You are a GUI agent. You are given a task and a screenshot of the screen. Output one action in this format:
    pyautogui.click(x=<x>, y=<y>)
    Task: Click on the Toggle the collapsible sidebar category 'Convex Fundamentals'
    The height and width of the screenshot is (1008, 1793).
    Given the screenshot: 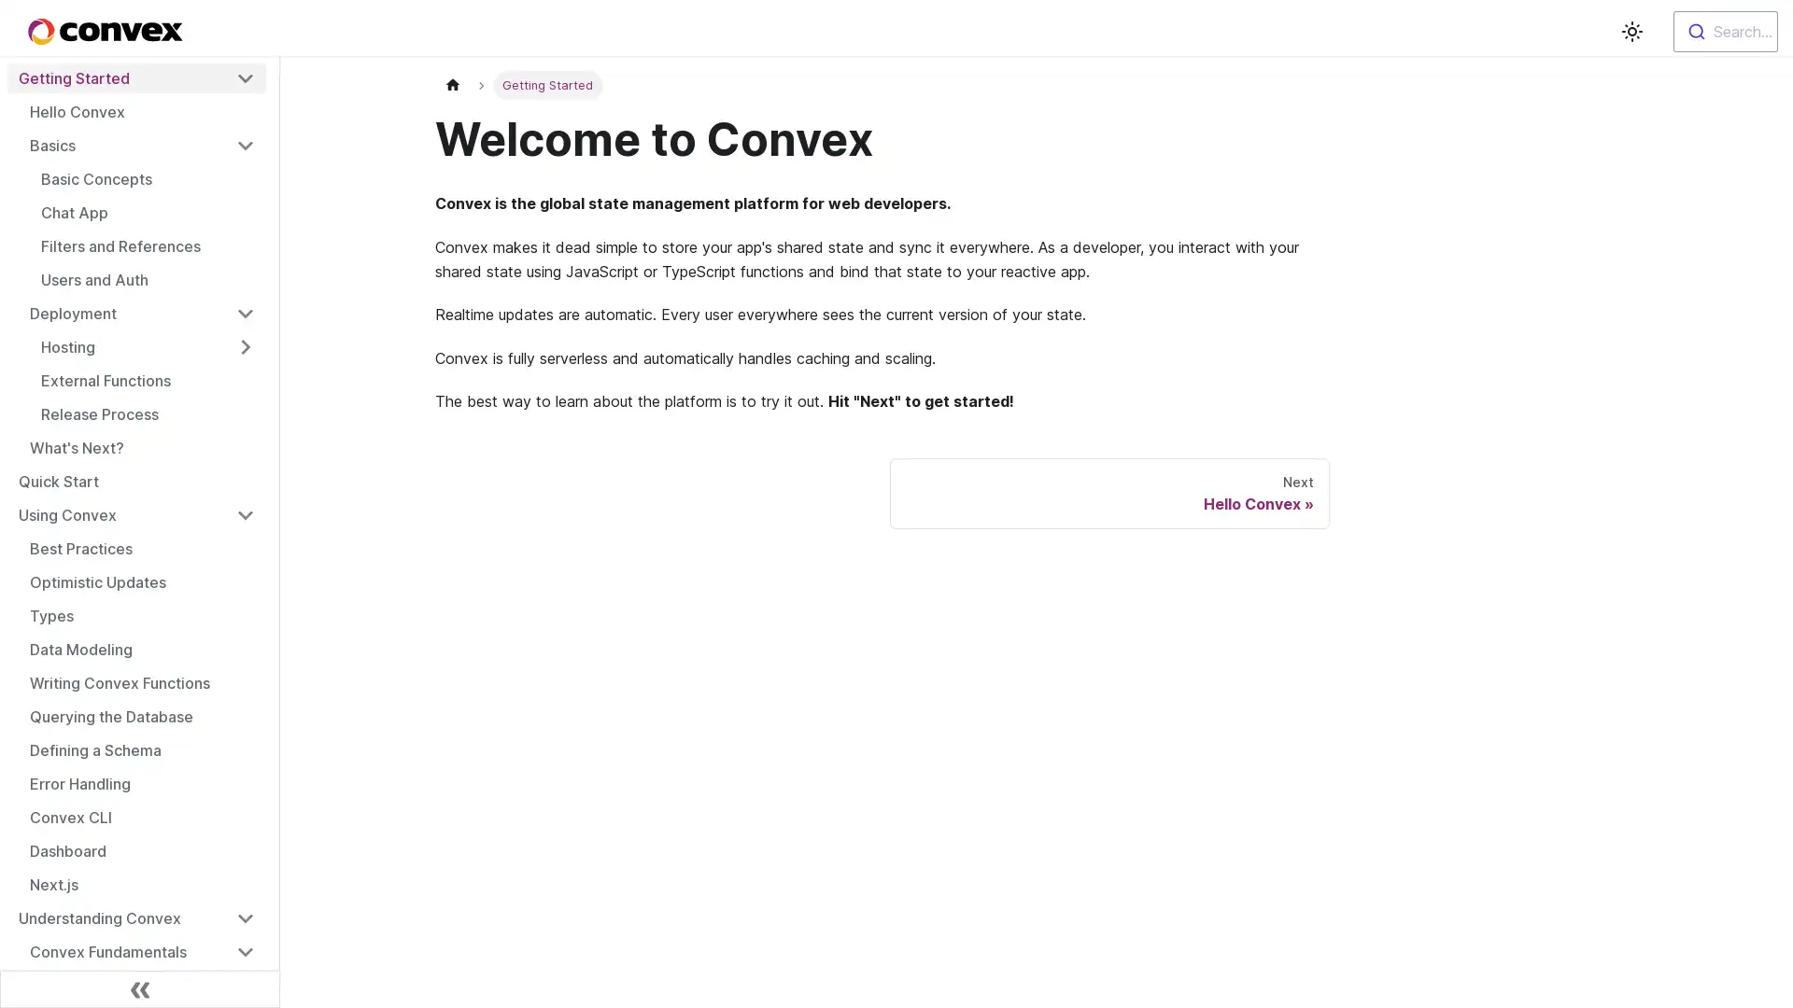 What is the action you would take?
    pyautogui.click(x=245, y=951)
    